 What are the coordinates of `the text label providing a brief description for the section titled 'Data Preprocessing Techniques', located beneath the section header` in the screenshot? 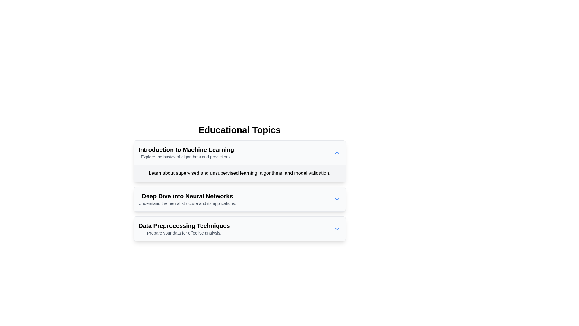 It's located at (184, 232).